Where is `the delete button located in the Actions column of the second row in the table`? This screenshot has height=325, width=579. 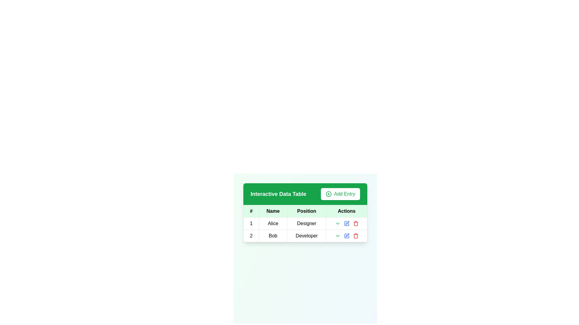 the delete button located in the Actions column of the second row in the table is located at coordinates (356, 235).